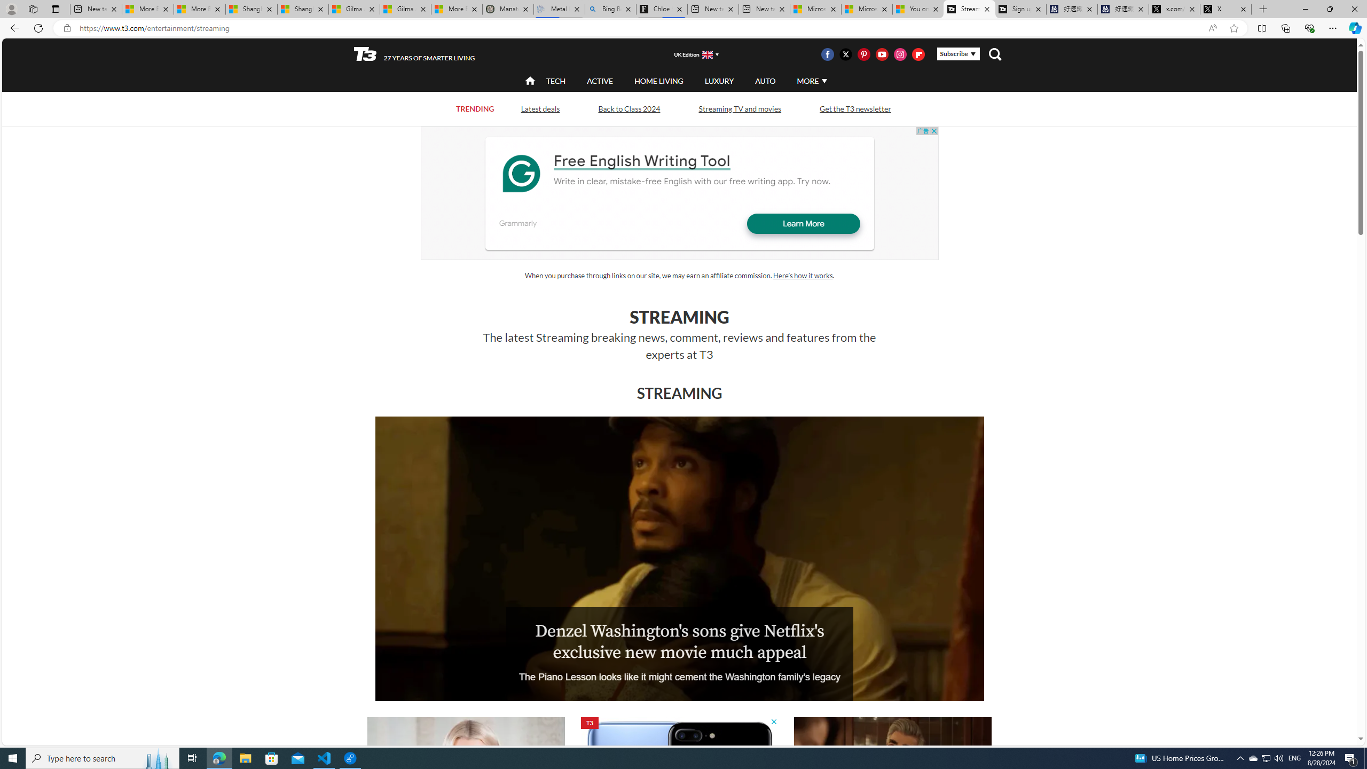 The height and width of the screenshot is (769, 1367). What do you see at coordinates (863, 53) in the screenshot?
I see `'Visit us on Pintrest'` at bounding box center [863, 53].